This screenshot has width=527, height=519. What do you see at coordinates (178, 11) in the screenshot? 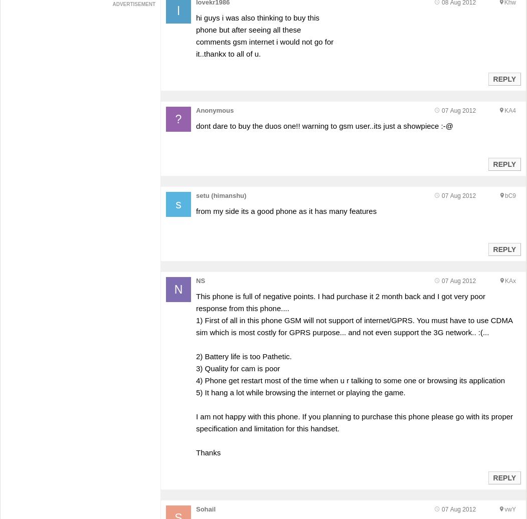
I see `'l'` at bounding box center [178, 11].